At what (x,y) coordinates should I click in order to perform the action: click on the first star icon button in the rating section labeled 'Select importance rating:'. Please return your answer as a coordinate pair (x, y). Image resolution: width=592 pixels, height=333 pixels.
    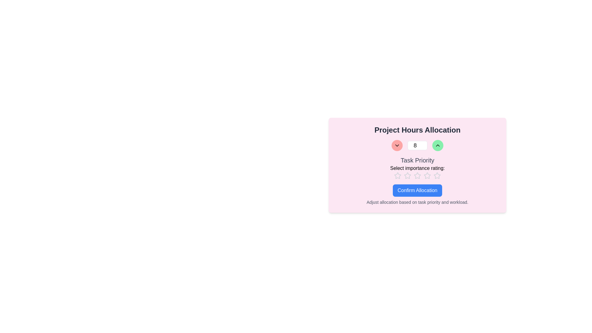
    Looking at the image, I should click on (398, 176).